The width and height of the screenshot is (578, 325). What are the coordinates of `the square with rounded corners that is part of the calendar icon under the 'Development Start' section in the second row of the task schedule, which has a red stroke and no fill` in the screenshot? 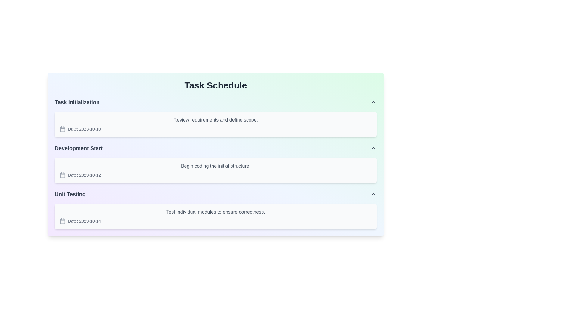 It's located at (62, 175).